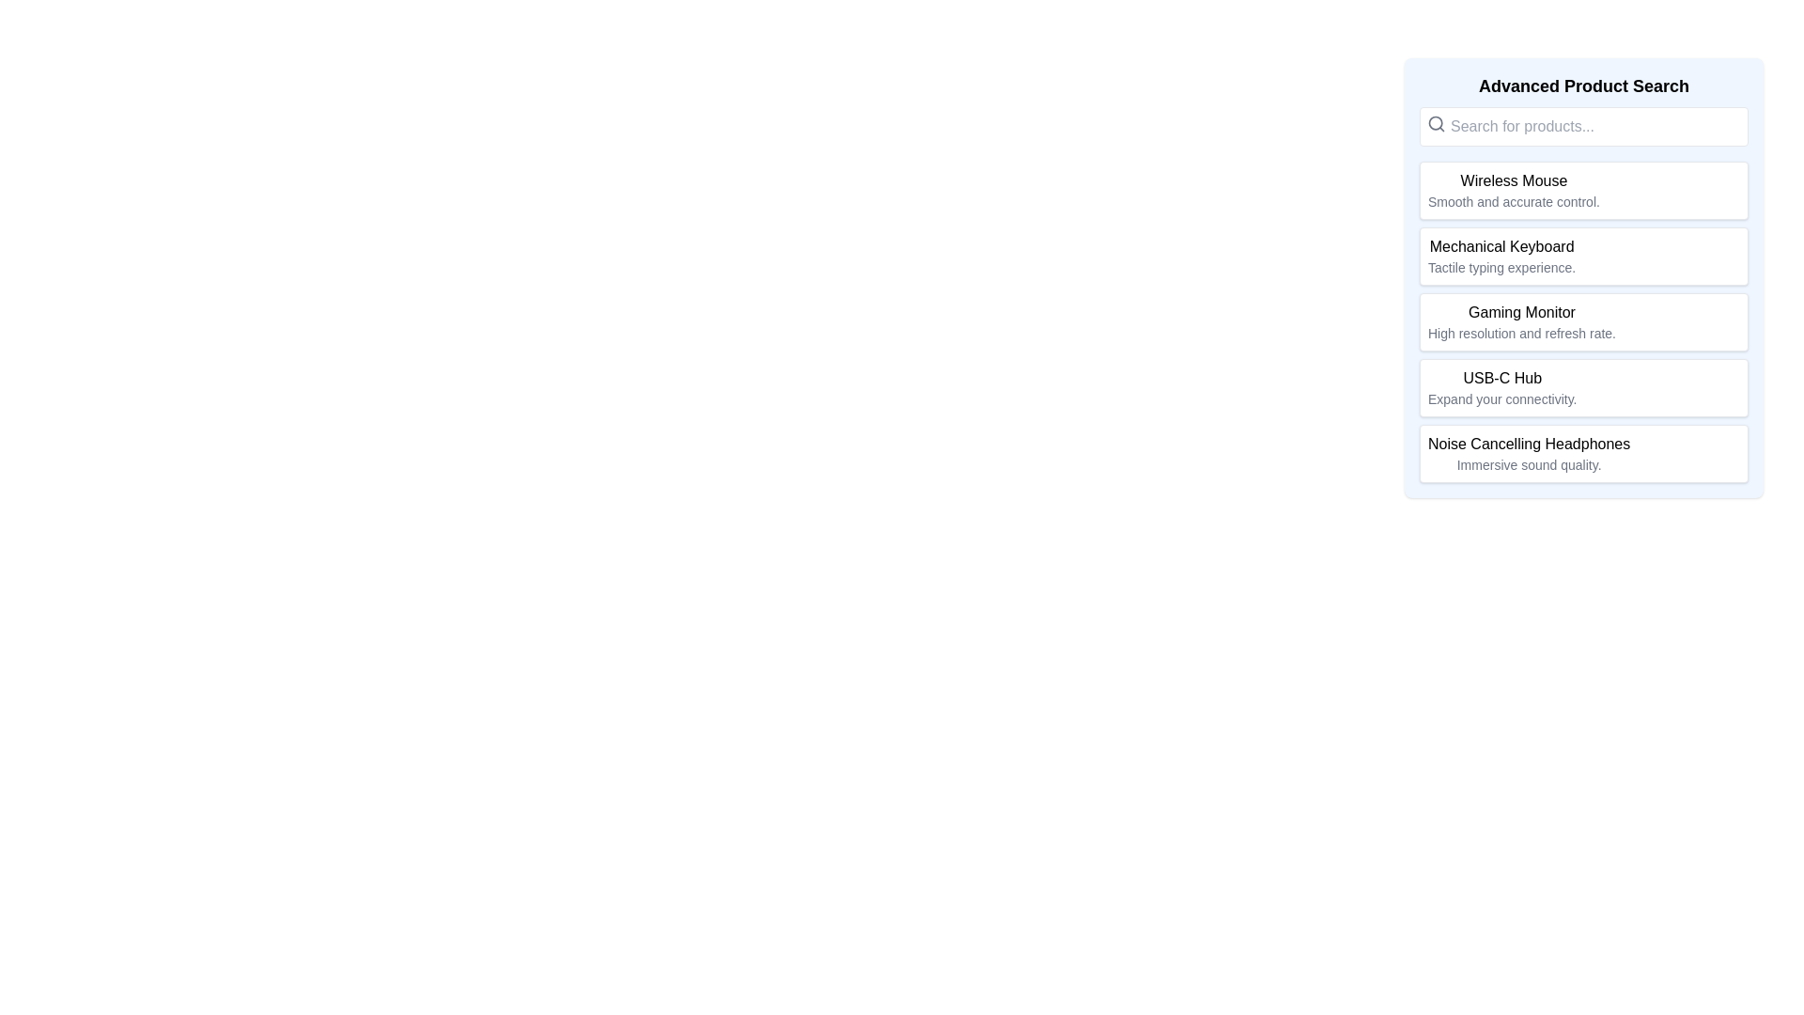  What do you see at coordinates (1582, 278) in the screenshot?
I see `the list item titled 'Mechanical Keyboard' with a bold title and a subtitle 'Tactile typing experience.'` at bounding box center [1582, 278].